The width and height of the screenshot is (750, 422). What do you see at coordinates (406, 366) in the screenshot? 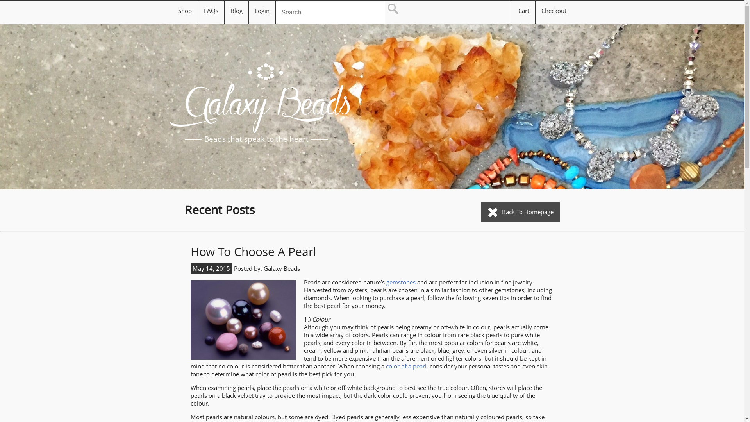
I see `'color of a pearl'` at bounding box center [406, 366].